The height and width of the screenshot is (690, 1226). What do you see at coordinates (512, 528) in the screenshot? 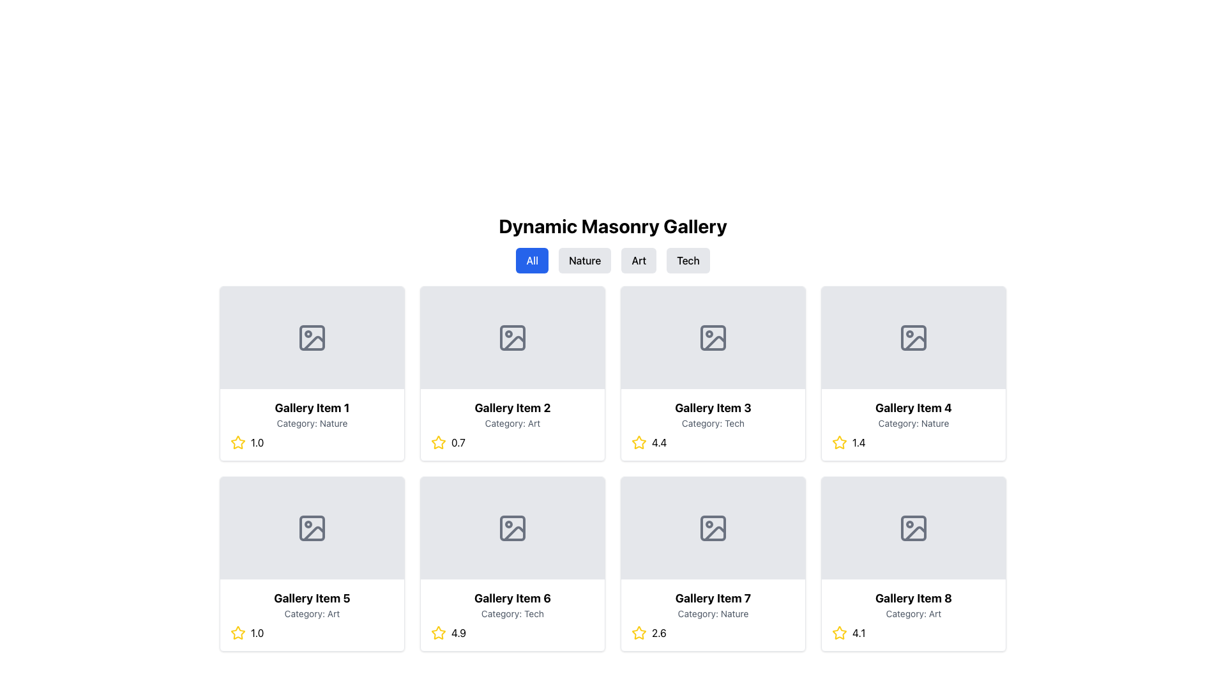
I see `the decorative rectangle within the icon of Gallery Item 6, which is centrally positioned in the second row and third column of the gallery layout` at bounding box center [512, 528].